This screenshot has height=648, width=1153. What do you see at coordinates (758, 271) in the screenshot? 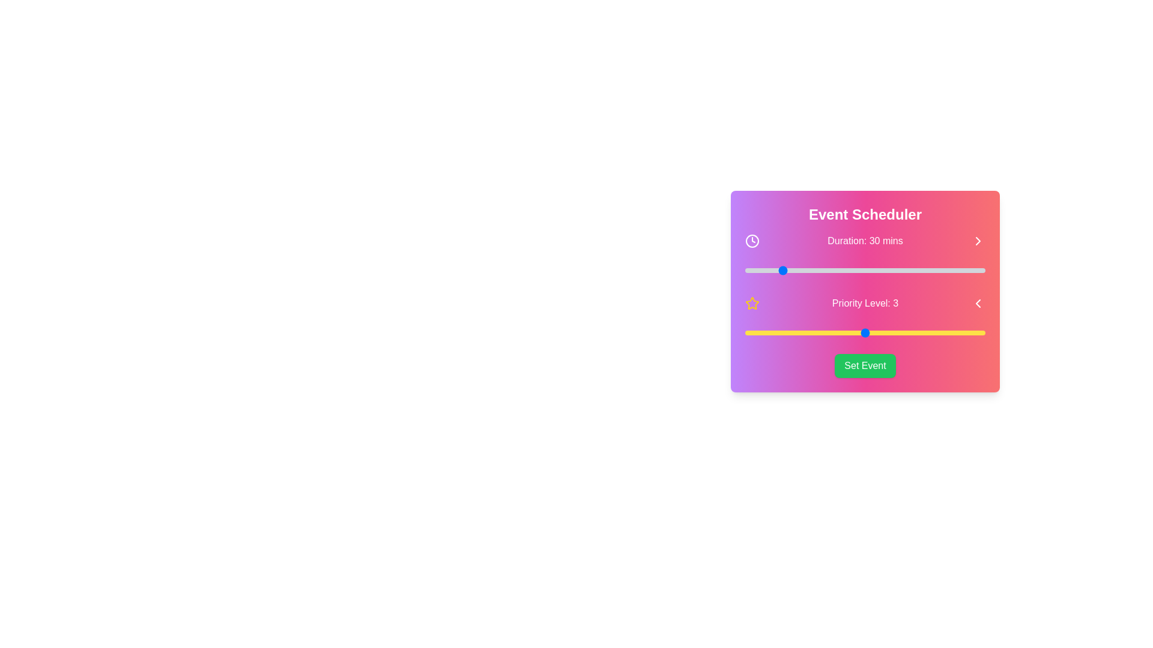
I see `the slider` at bounding box center [758, 271].